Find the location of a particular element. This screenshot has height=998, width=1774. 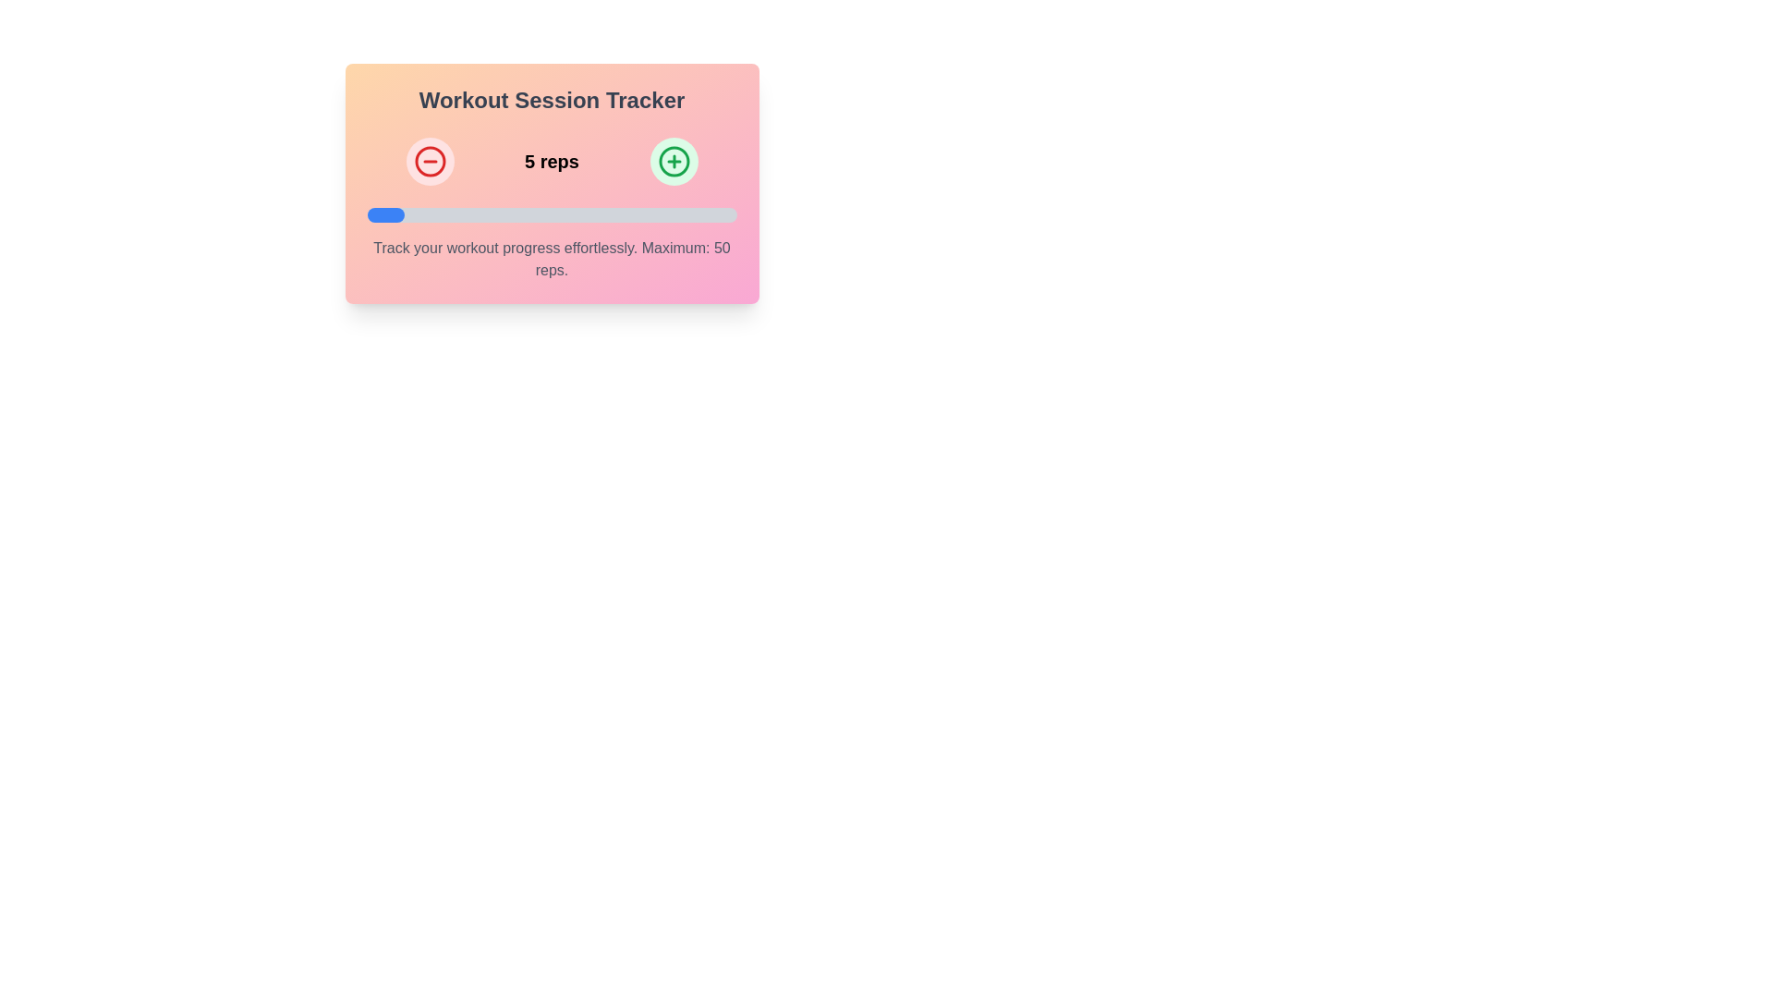

slider progress is located at coordinates (691, 213).